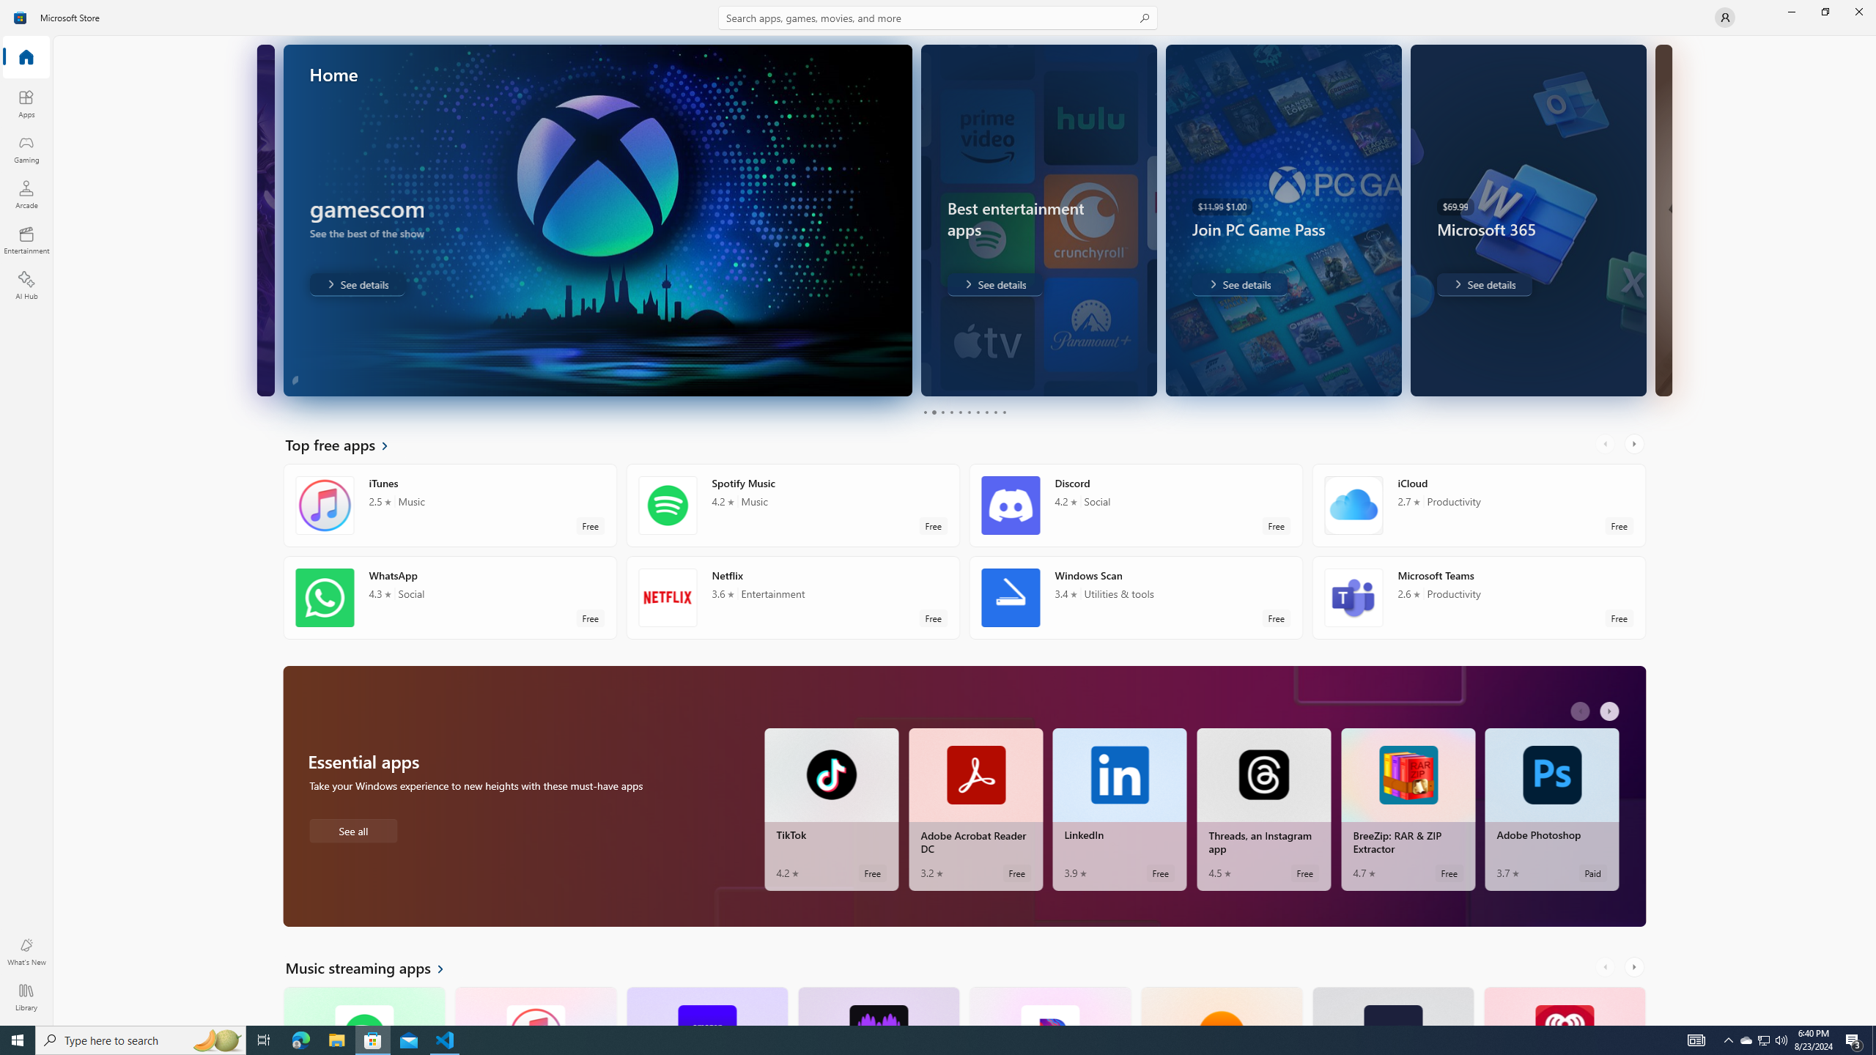 This screenshot has width=1876, height=1055. I want to click on 'Gaming', so click(25, 148).